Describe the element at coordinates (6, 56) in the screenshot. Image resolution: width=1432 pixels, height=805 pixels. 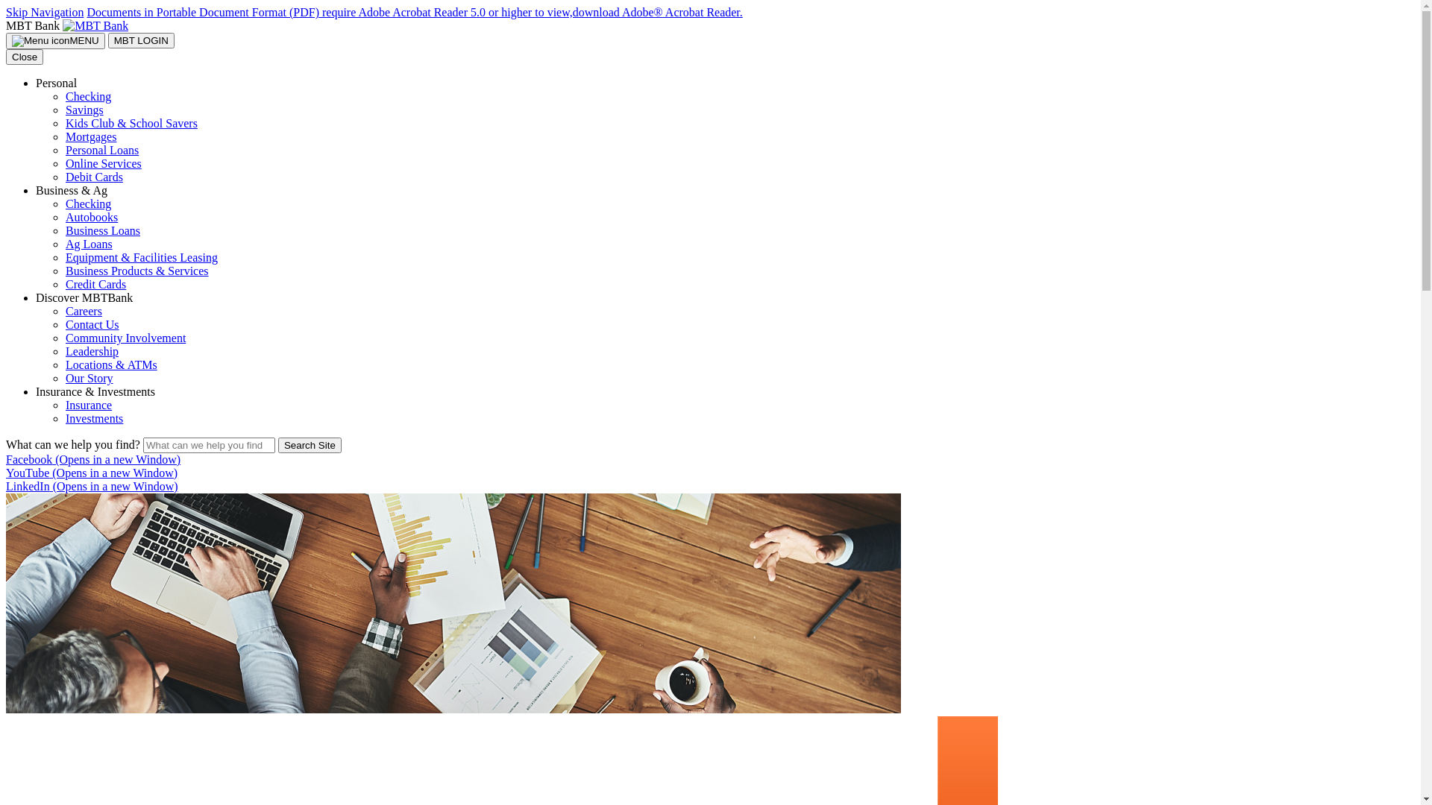
I see `'Close'` at that location.